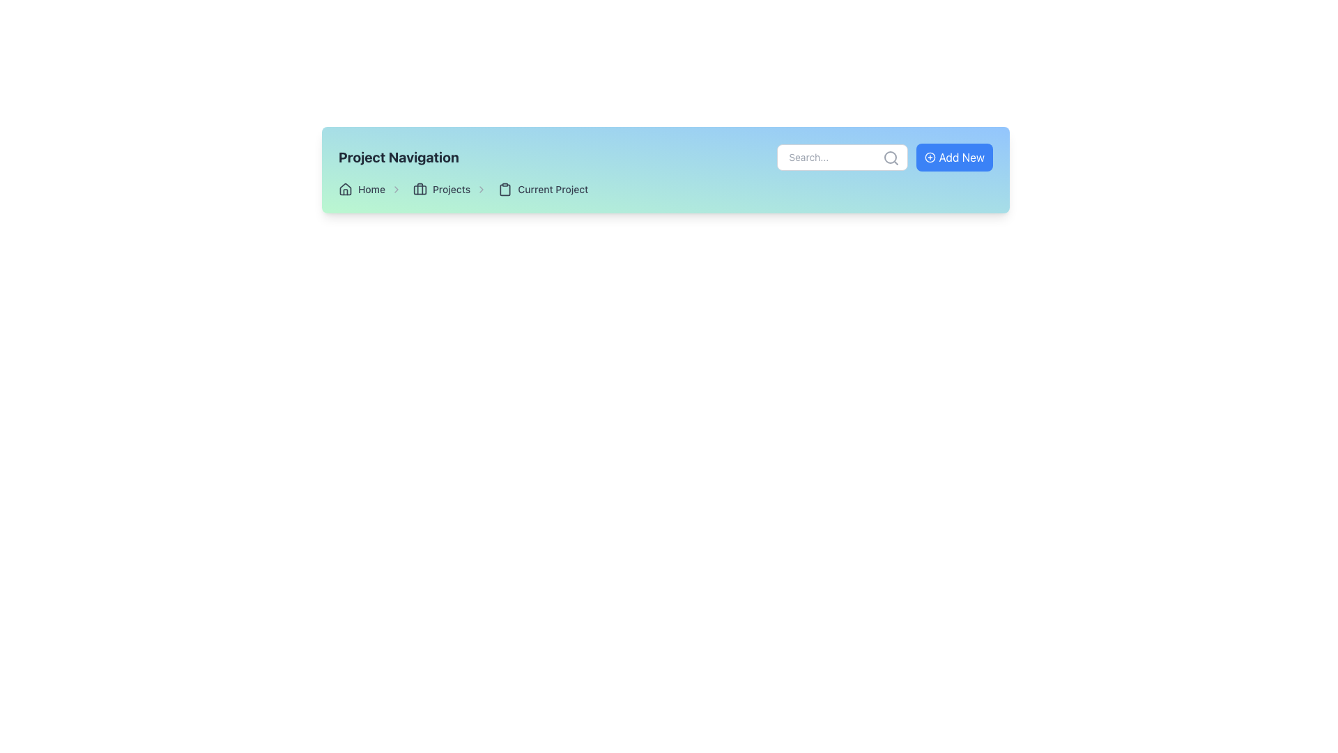 This screenshot has width=1338, height=753. What do you see at coordinates (450, 190) in the screenshot?
I see `the 'Projects' breadcrumb link` at bounding box center [450, 190].